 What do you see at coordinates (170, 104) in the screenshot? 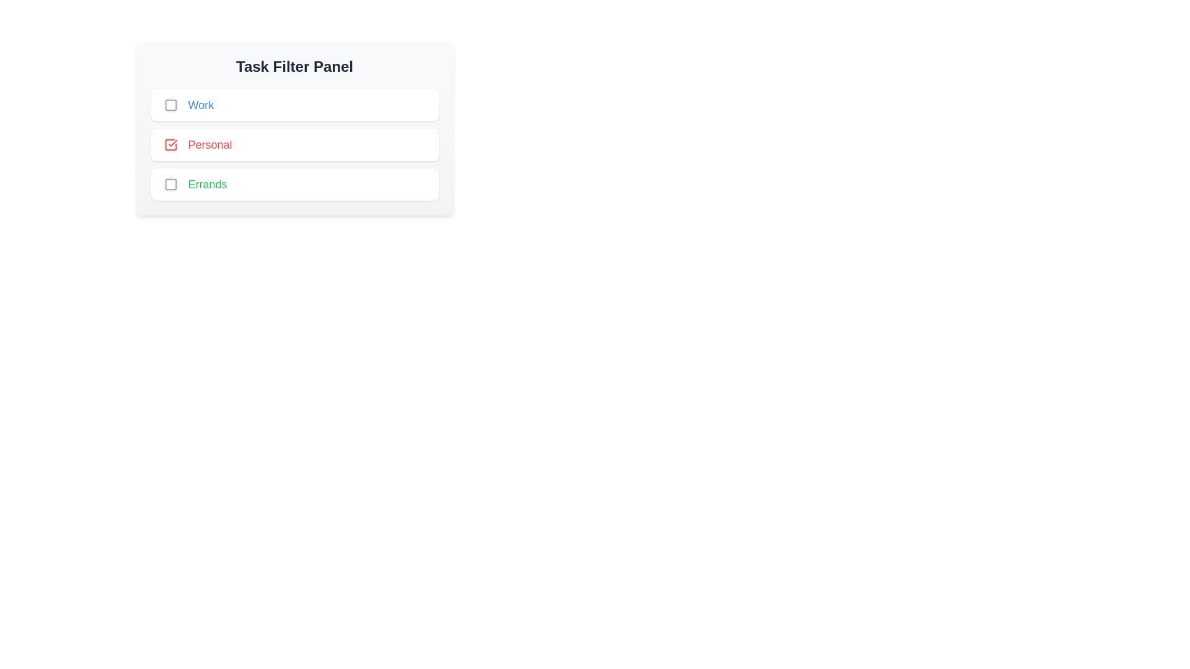
I see `the 'Work' filter icon located in the Task Filter Panel, which is the first item in the vertical list of task filters` at bounding box center [170, 104].